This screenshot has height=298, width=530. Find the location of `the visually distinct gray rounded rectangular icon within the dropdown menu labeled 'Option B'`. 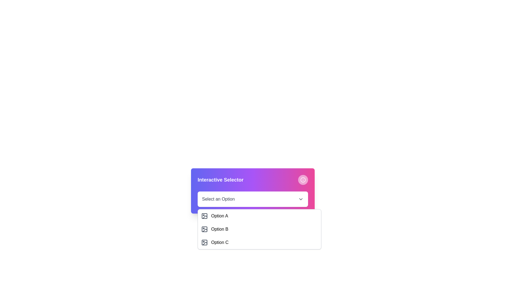

the visually distinct gray rounded rectangular icon within the dropdown menu labeled 'Option B' is located at coordinates (204, 229).